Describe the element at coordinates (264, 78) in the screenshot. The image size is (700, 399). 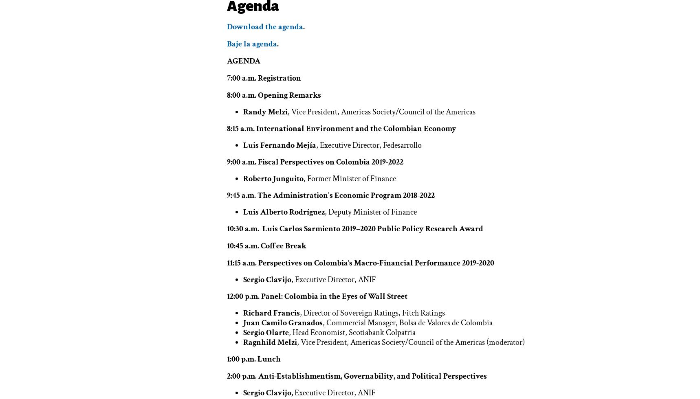
I see `'7:00 a.m. Registration'` at that location.